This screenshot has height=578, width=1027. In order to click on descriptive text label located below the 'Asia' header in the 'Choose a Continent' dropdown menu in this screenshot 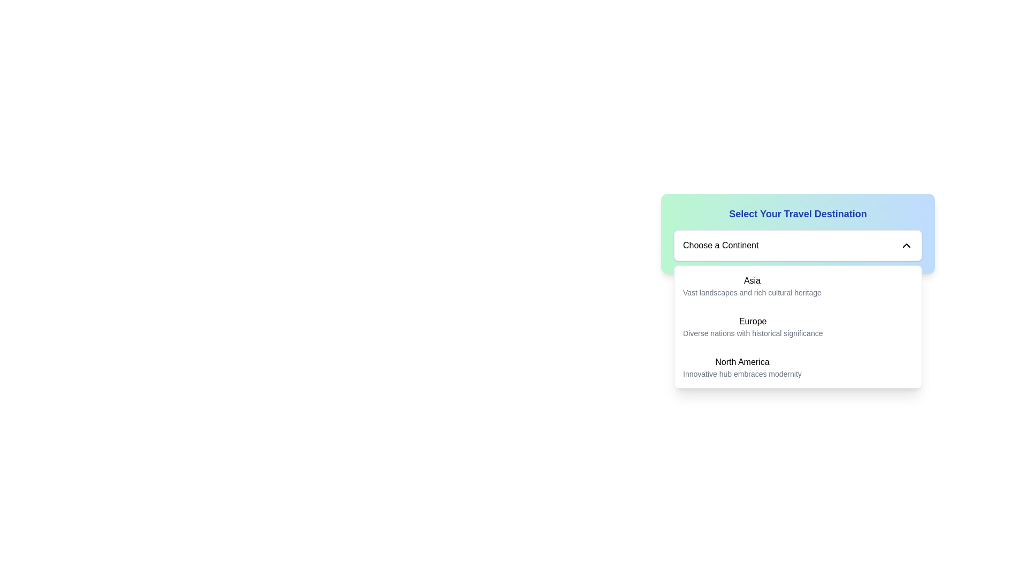, I will do `click(752, 293)`.